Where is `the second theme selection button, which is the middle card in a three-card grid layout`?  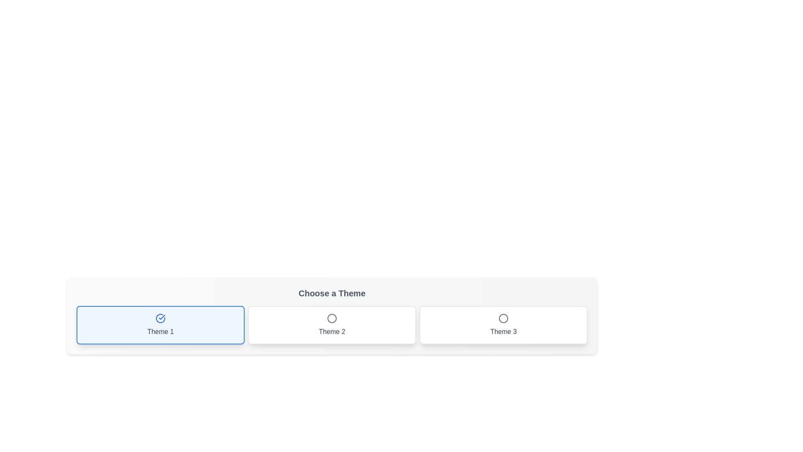
the second theme selection button, which is the middle card in a three-card grid layout is located at coordinates (331, 324).